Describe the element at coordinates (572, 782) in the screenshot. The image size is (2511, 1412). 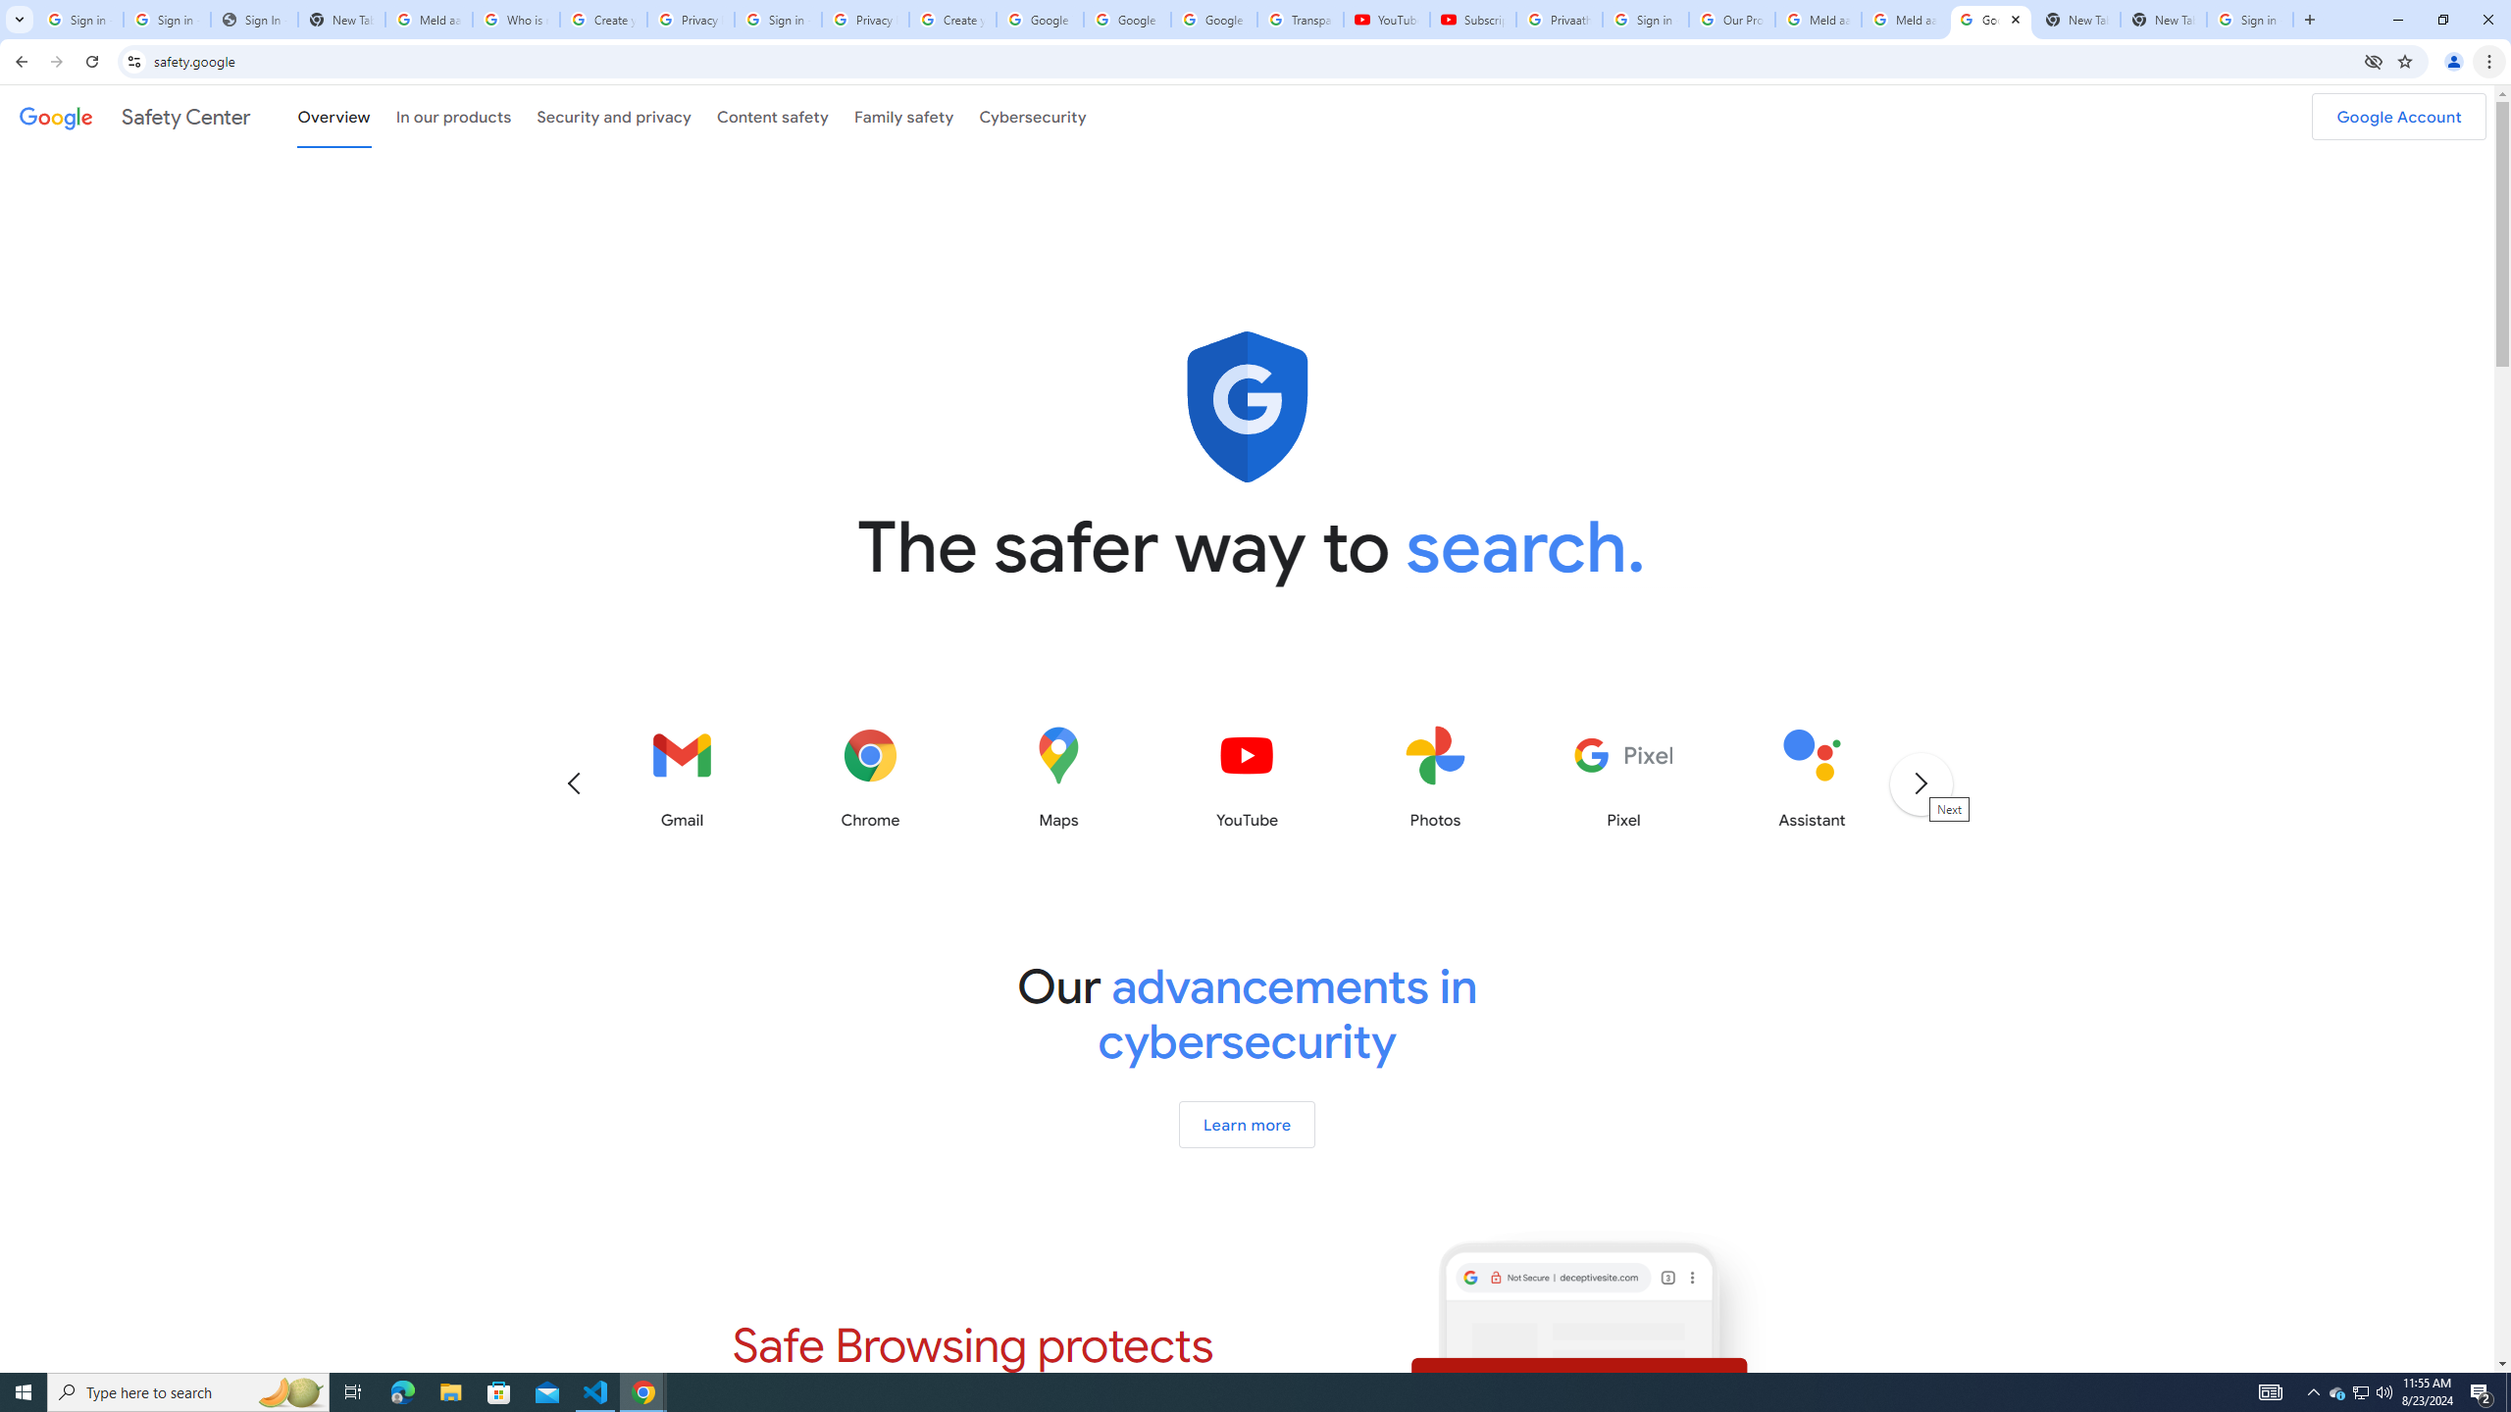
I see `'Previous'` at that location.